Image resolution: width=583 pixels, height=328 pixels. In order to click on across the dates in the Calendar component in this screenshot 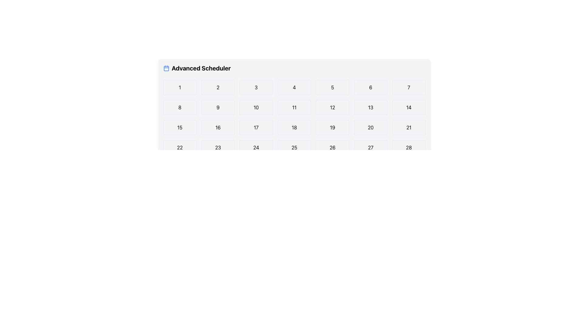, I will do `click(294, 119)`.